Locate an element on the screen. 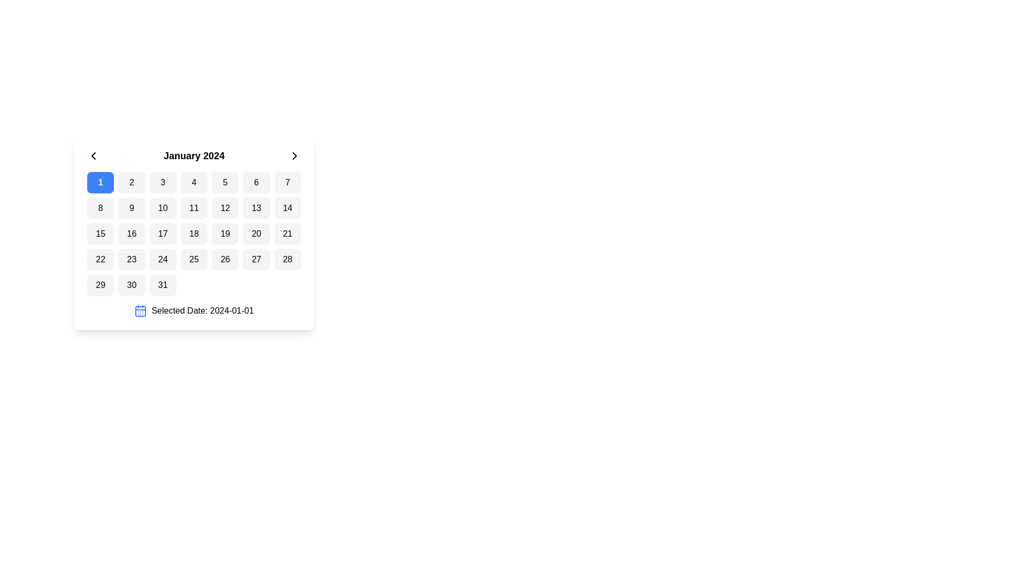 Image resolution: width=1027 pixels, height=577 pixels. the rectangular button with rounded corners, light gray background, and the number '8' centered in black text is located at coordinates (101, 208).